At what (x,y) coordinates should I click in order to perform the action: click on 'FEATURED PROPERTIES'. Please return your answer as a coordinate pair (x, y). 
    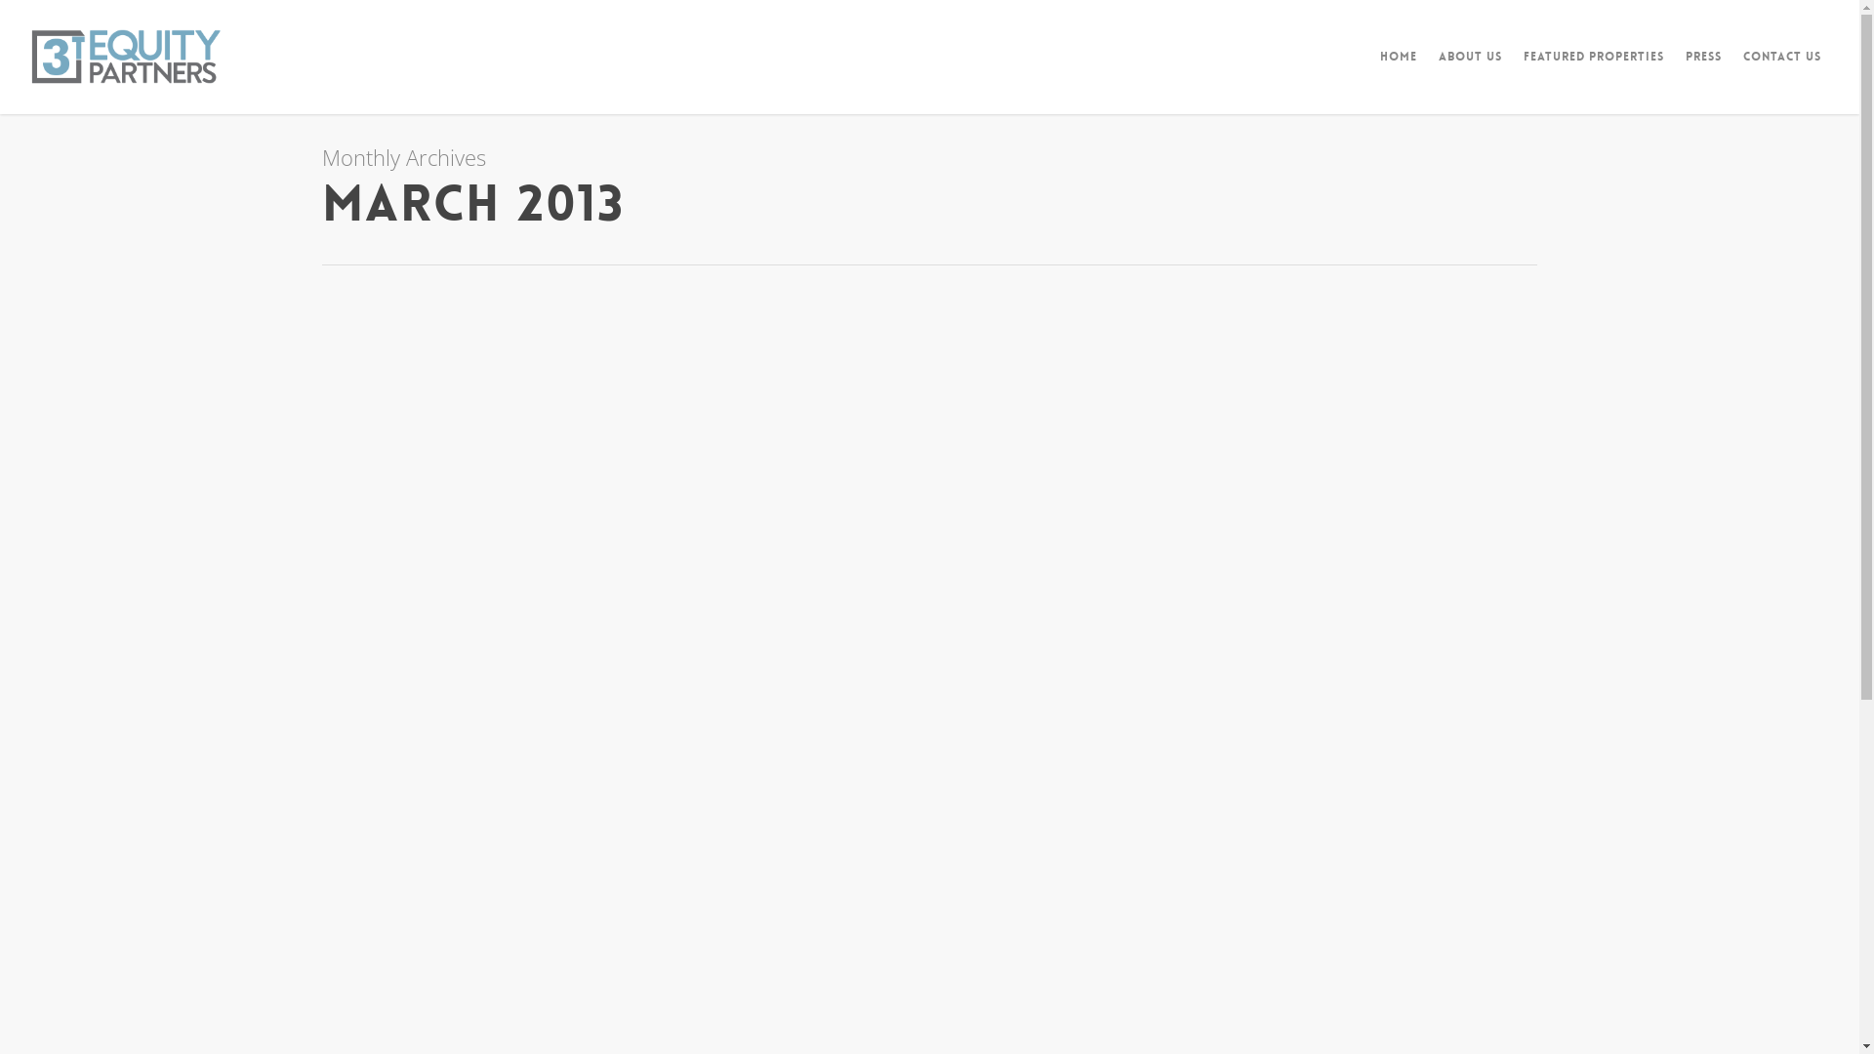
    Looking at the image, I should click on (1593, 69).